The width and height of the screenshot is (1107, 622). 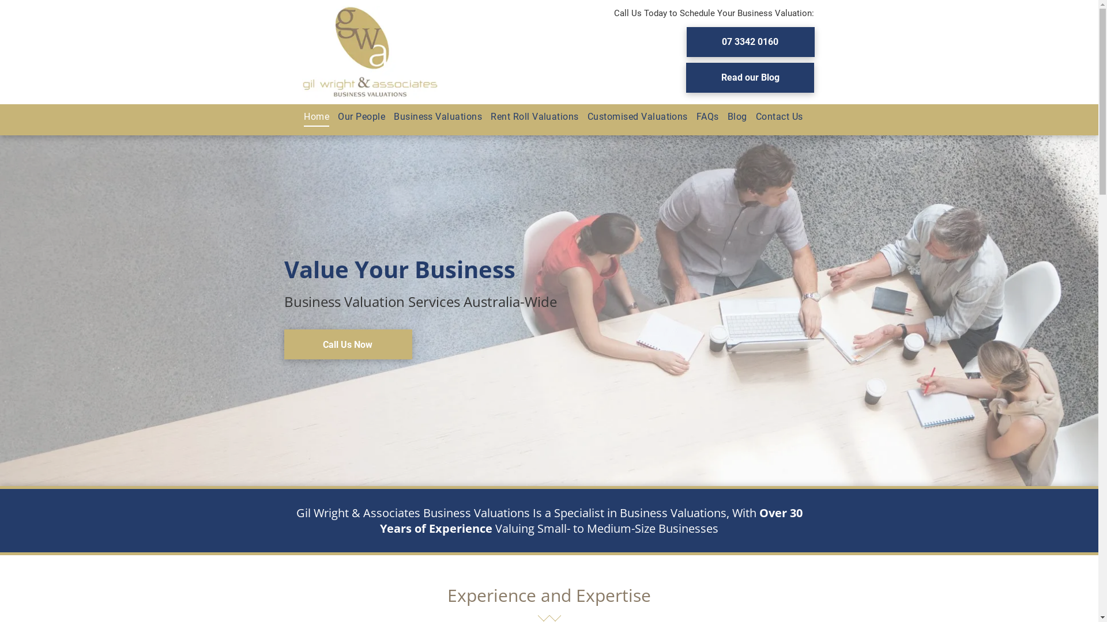 I want to click on '07 3342 0160', so click(x=750, y=41).